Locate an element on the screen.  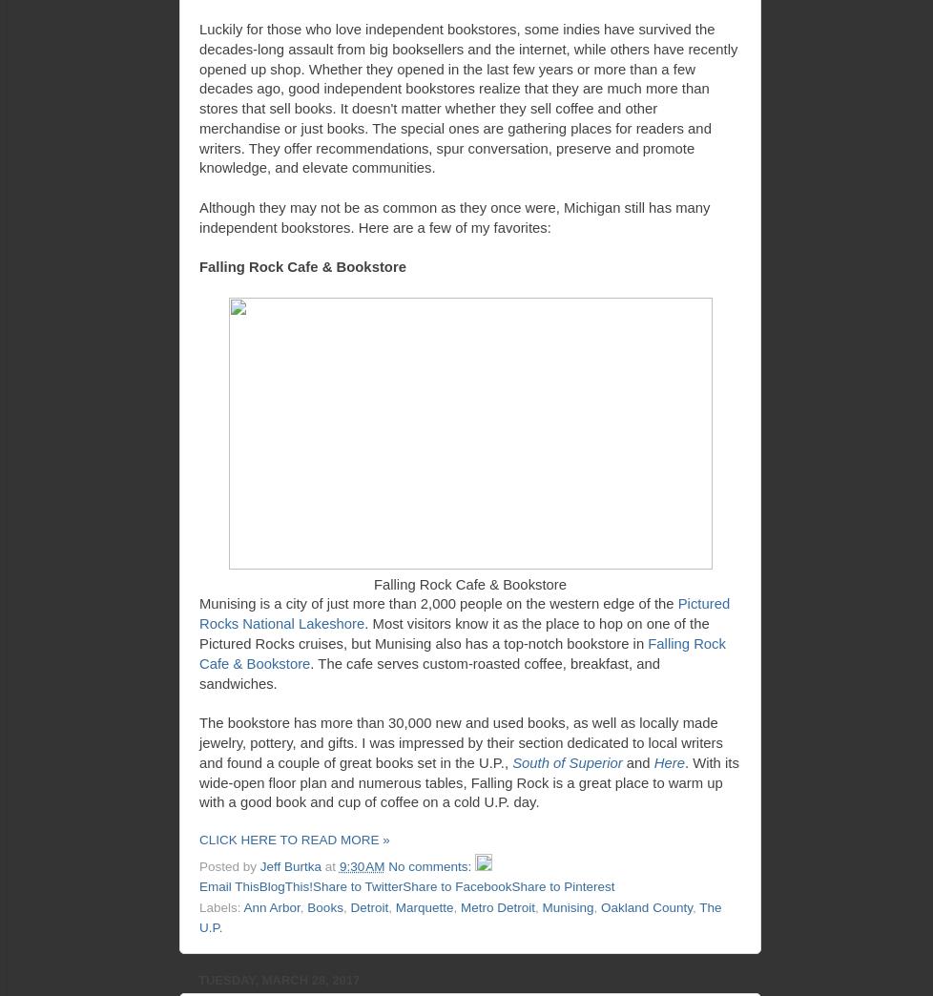
'Labels:' is located at coordinates (220, 905).